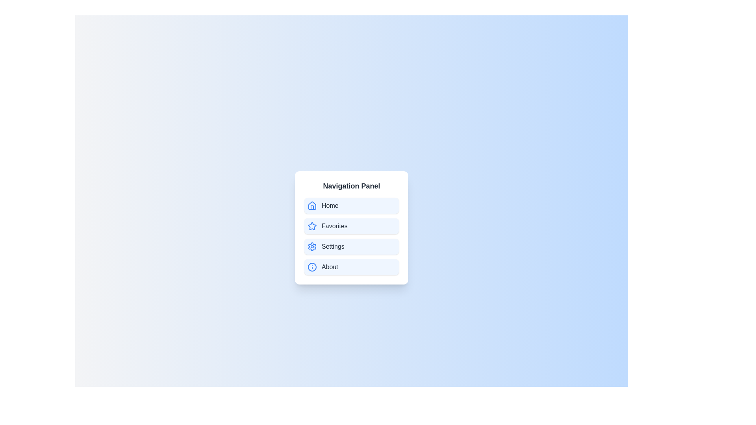 Image resolution: width=756 pixels, height=425 pixels. What do you see at coordinates (311, 246) in the screenshot?
I see `the blue cogwheel icon, which is part of the 'Settings' button` at bounding box center [311, 246].